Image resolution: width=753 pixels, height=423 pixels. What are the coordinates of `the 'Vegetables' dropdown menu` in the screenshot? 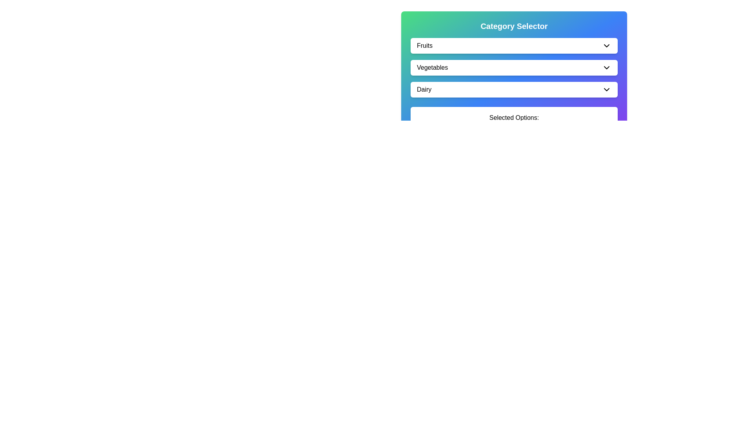 It's located at (514, 61).